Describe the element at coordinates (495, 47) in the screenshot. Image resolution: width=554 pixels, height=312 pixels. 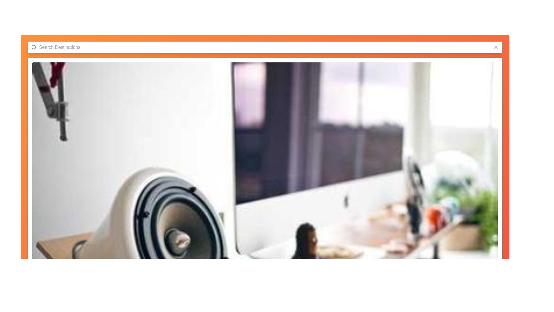
I see `the close button located at the far right side of the header bar above the main content area` at that location.